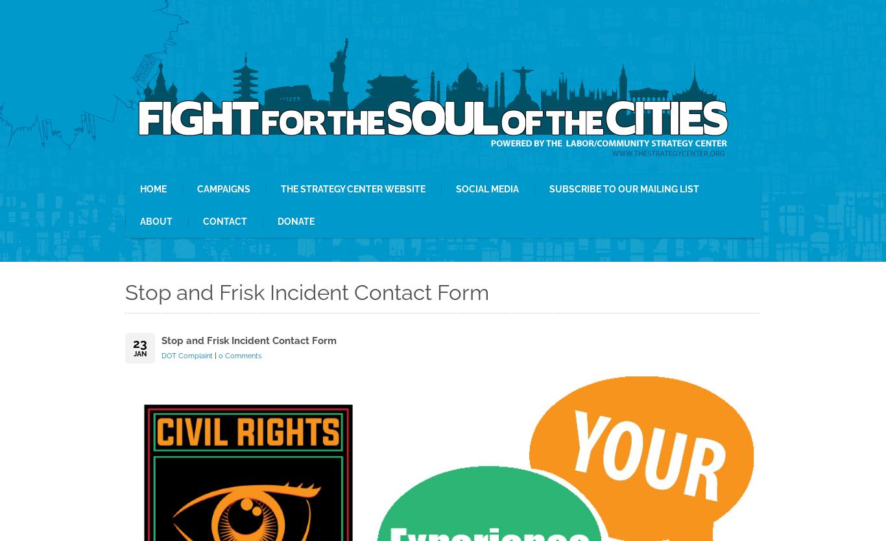 This screenshot has height=541, width=886. Describe the element at coordinates (280, 188) in the screenshot. I see `'The Strategy Center Website'` at that location.